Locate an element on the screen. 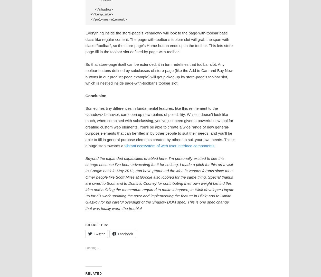 The image size is (321, 277). 'Everything inside the store-page’s <shadow> will look to the page-with-toolbar base class like regular content. The page-with-toolbar’s toolbar slot will grab the span with class=”toolbar”, so the store-page’s Home button ends up in the toolbar. This lets store-page fill in the toolbar slot defined by page-with-toolbar.' is located at coordinates (159, 42).